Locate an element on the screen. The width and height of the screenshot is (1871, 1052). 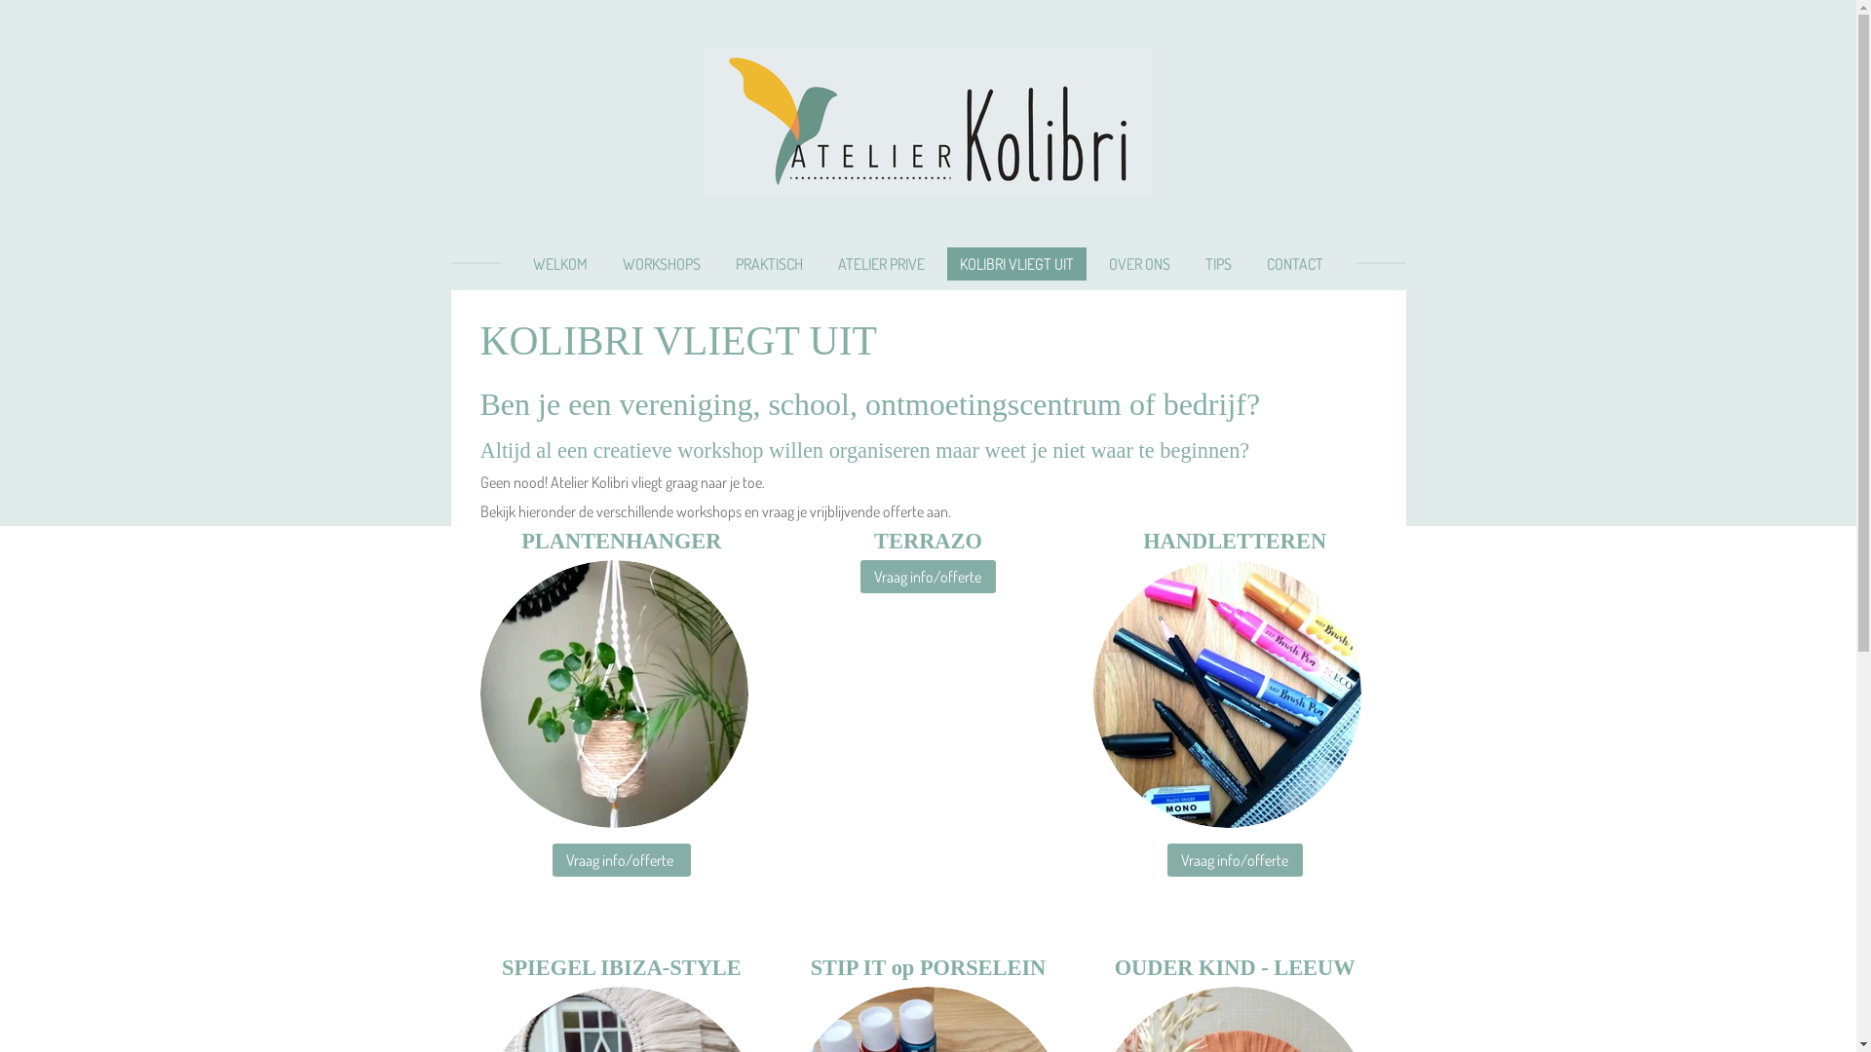
'Vraag info/offerte ' is located at coordinates (621, 859).